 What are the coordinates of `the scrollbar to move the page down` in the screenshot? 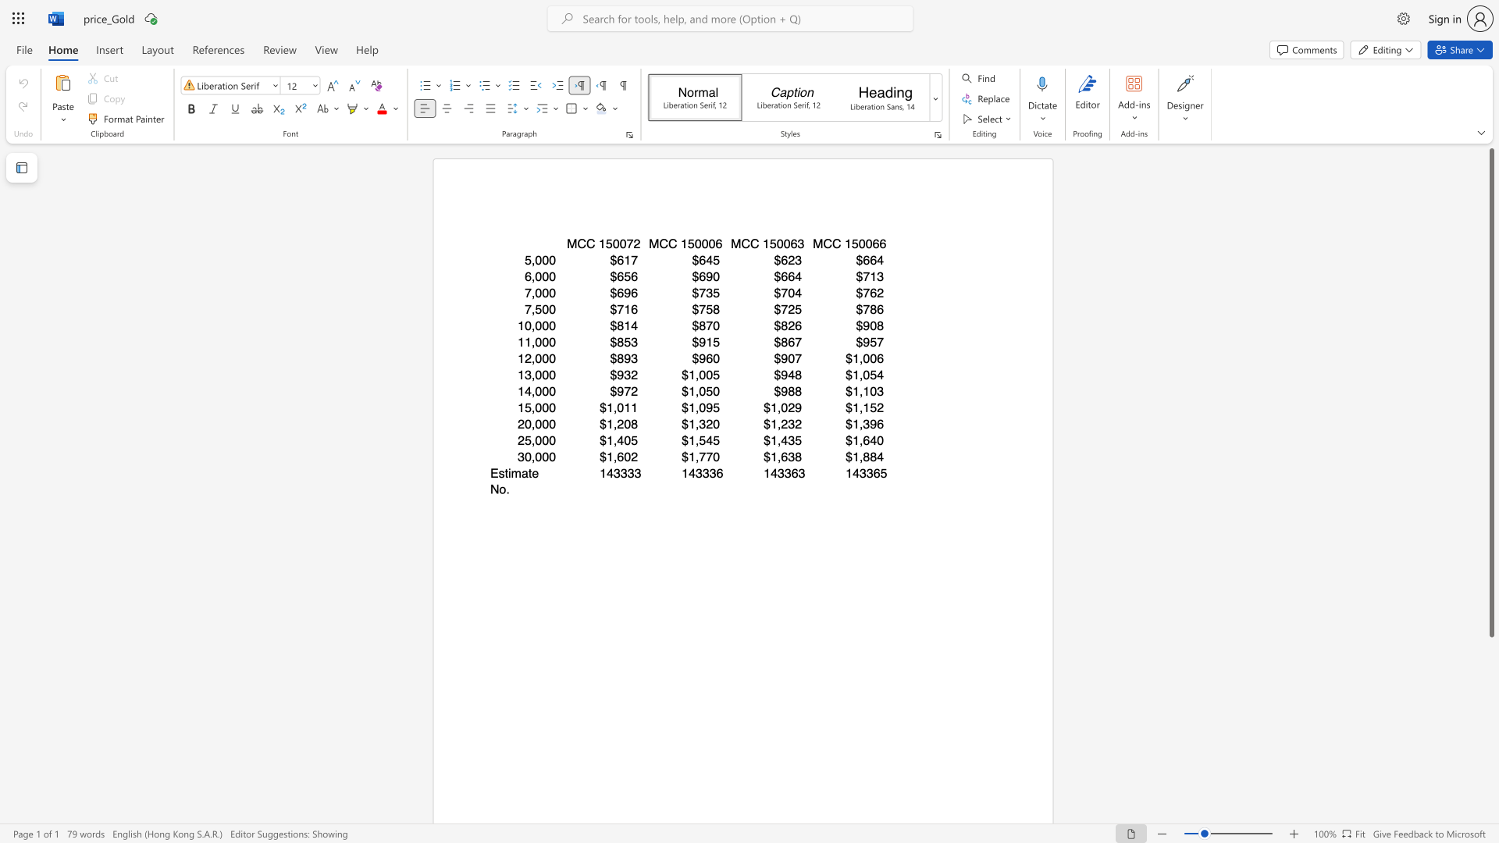 It's located at (1490, 818).